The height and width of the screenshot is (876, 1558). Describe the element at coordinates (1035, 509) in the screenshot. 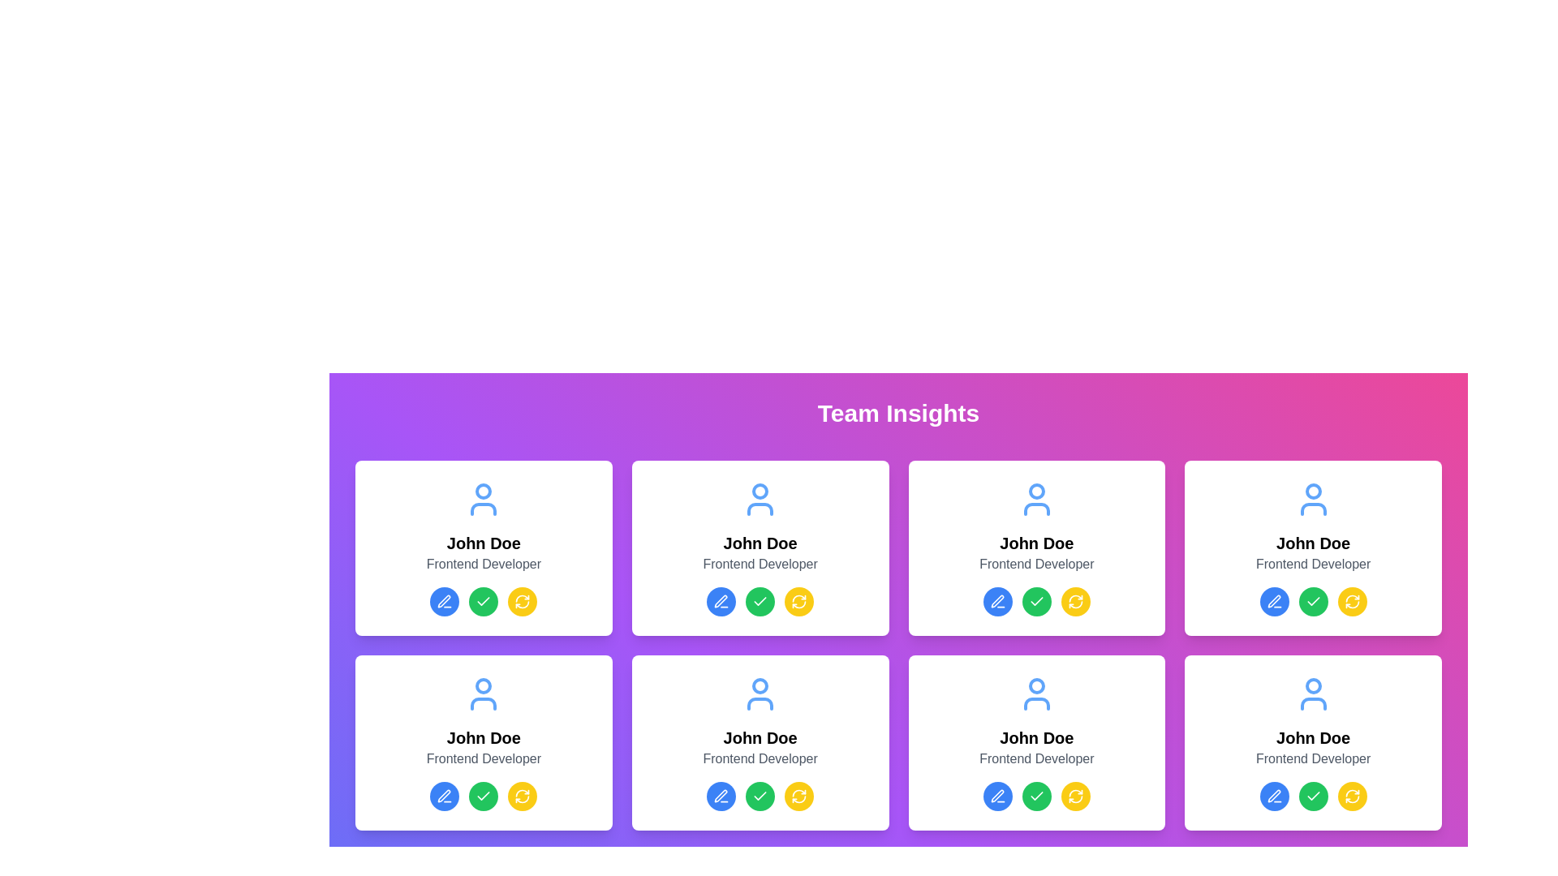

I see `the lower portion of the user icon representing the user torso in the third user card of the top row in the user grid` at that location.